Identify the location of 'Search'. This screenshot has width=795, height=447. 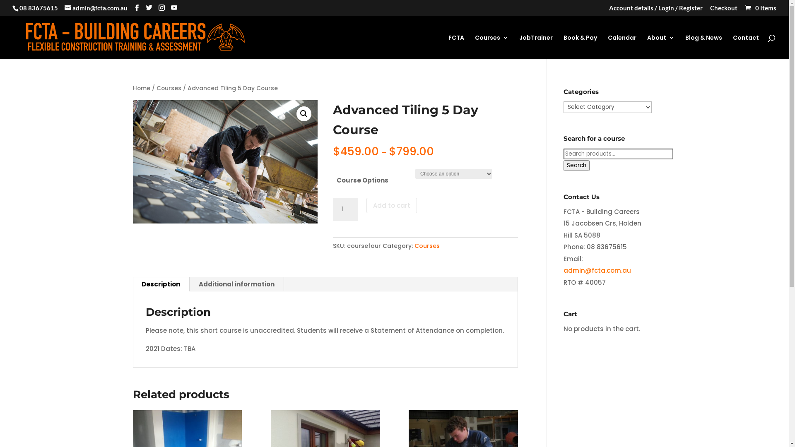
(576, 166).